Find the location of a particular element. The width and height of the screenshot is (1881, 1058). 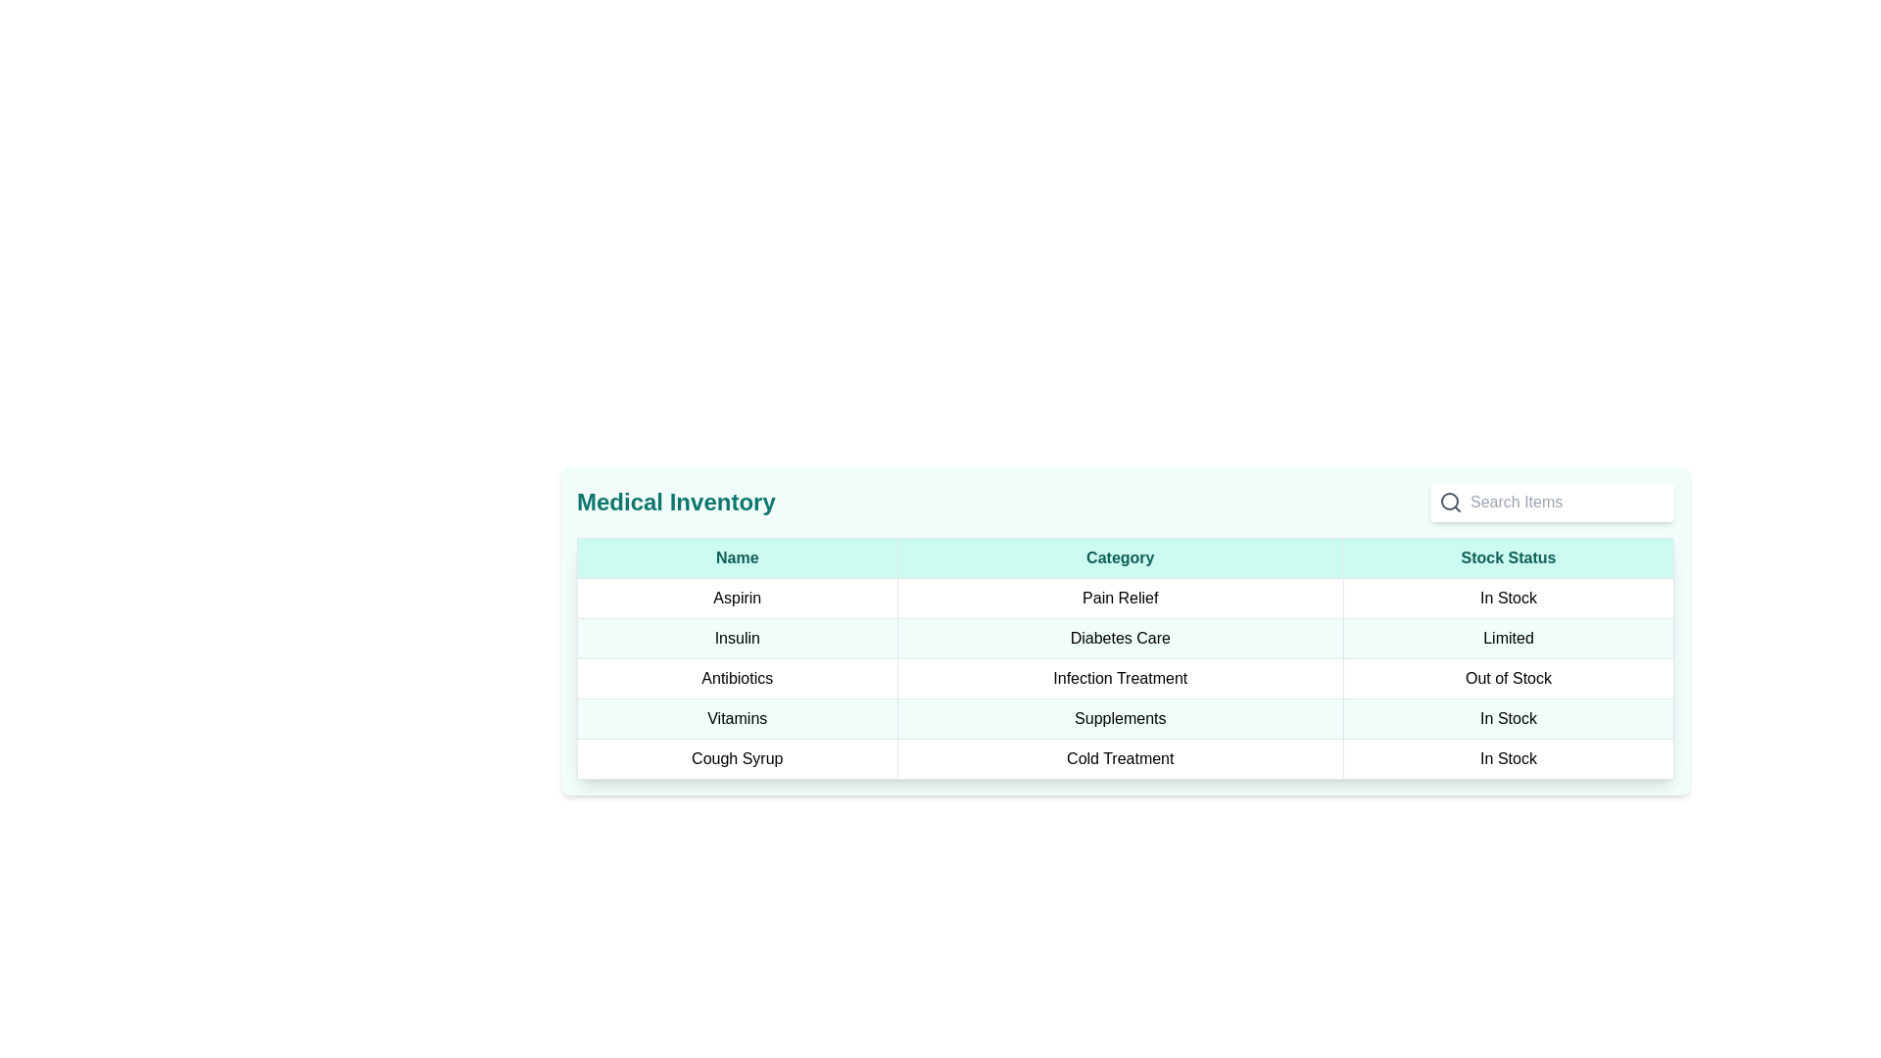

the 'Insulin' text label located in the 'Name' column of the second data row under the 'Medical Inventory' header is located at coordinates (736, 638).